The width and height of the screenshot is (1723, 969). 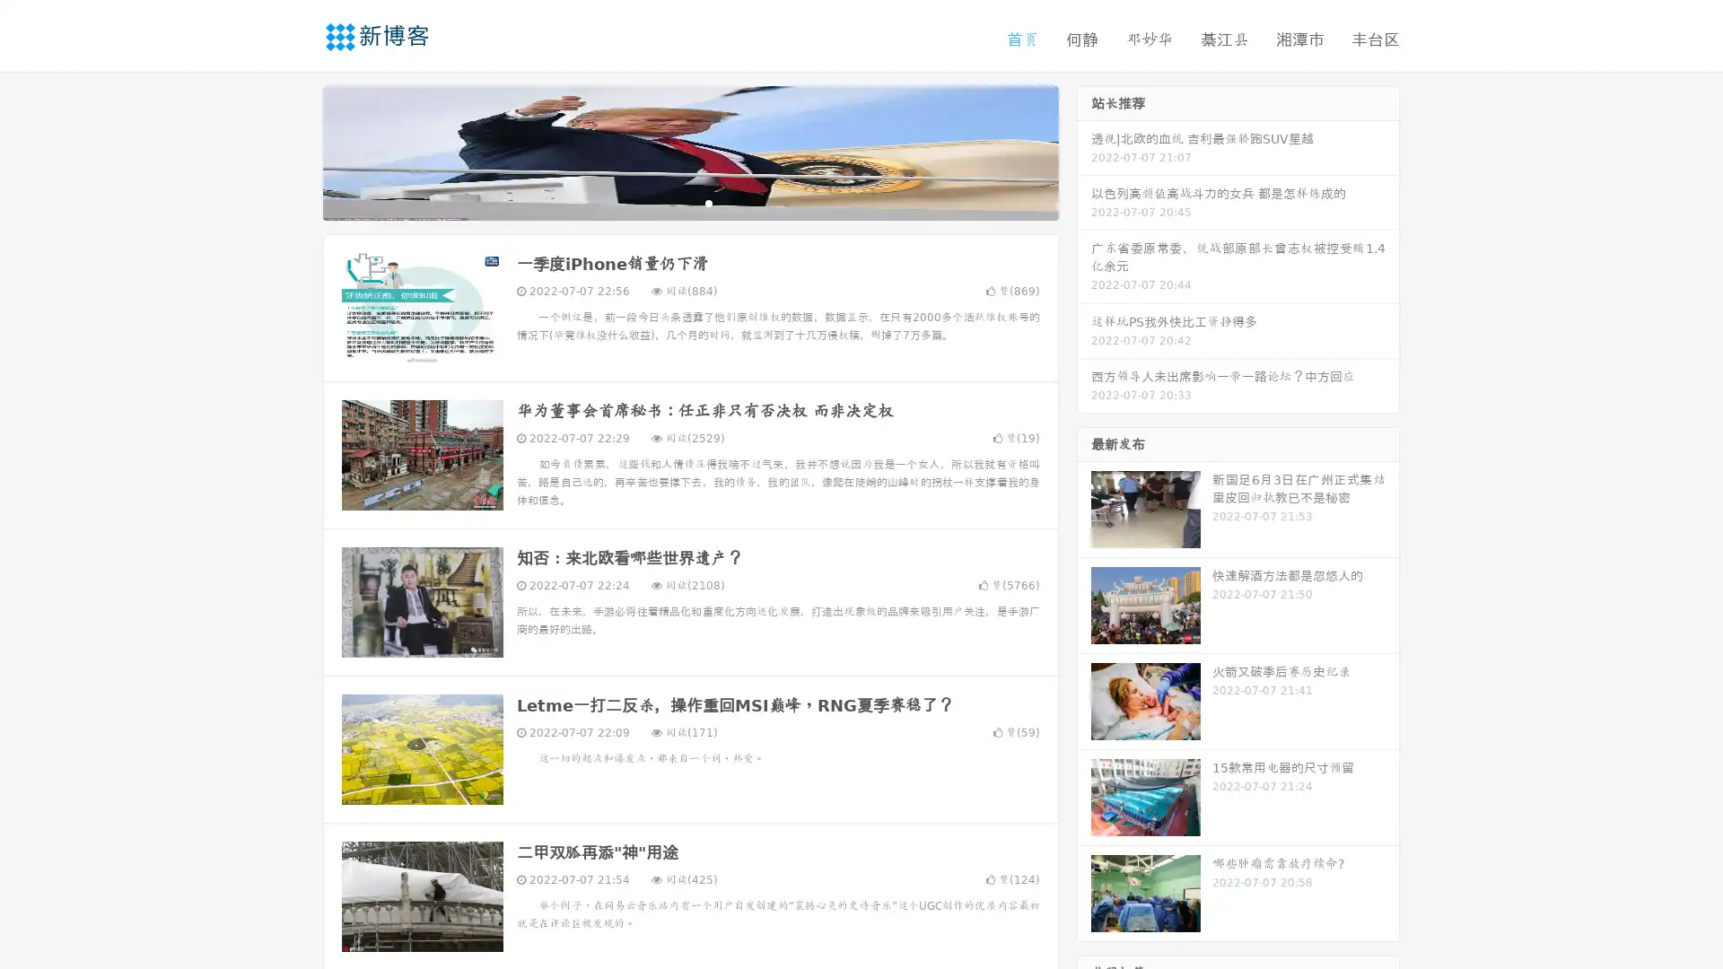 What do you see at coordinates (296, 151) in the screenshot?
I see `Previous slide` at bounding box center [296, 151].